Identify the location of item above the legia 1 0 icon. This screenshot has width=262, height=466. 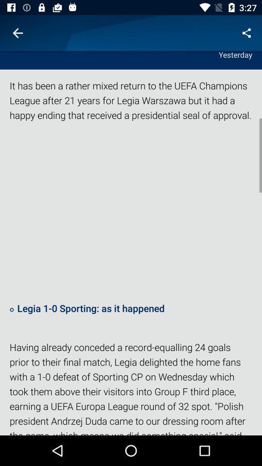
(131, 211).